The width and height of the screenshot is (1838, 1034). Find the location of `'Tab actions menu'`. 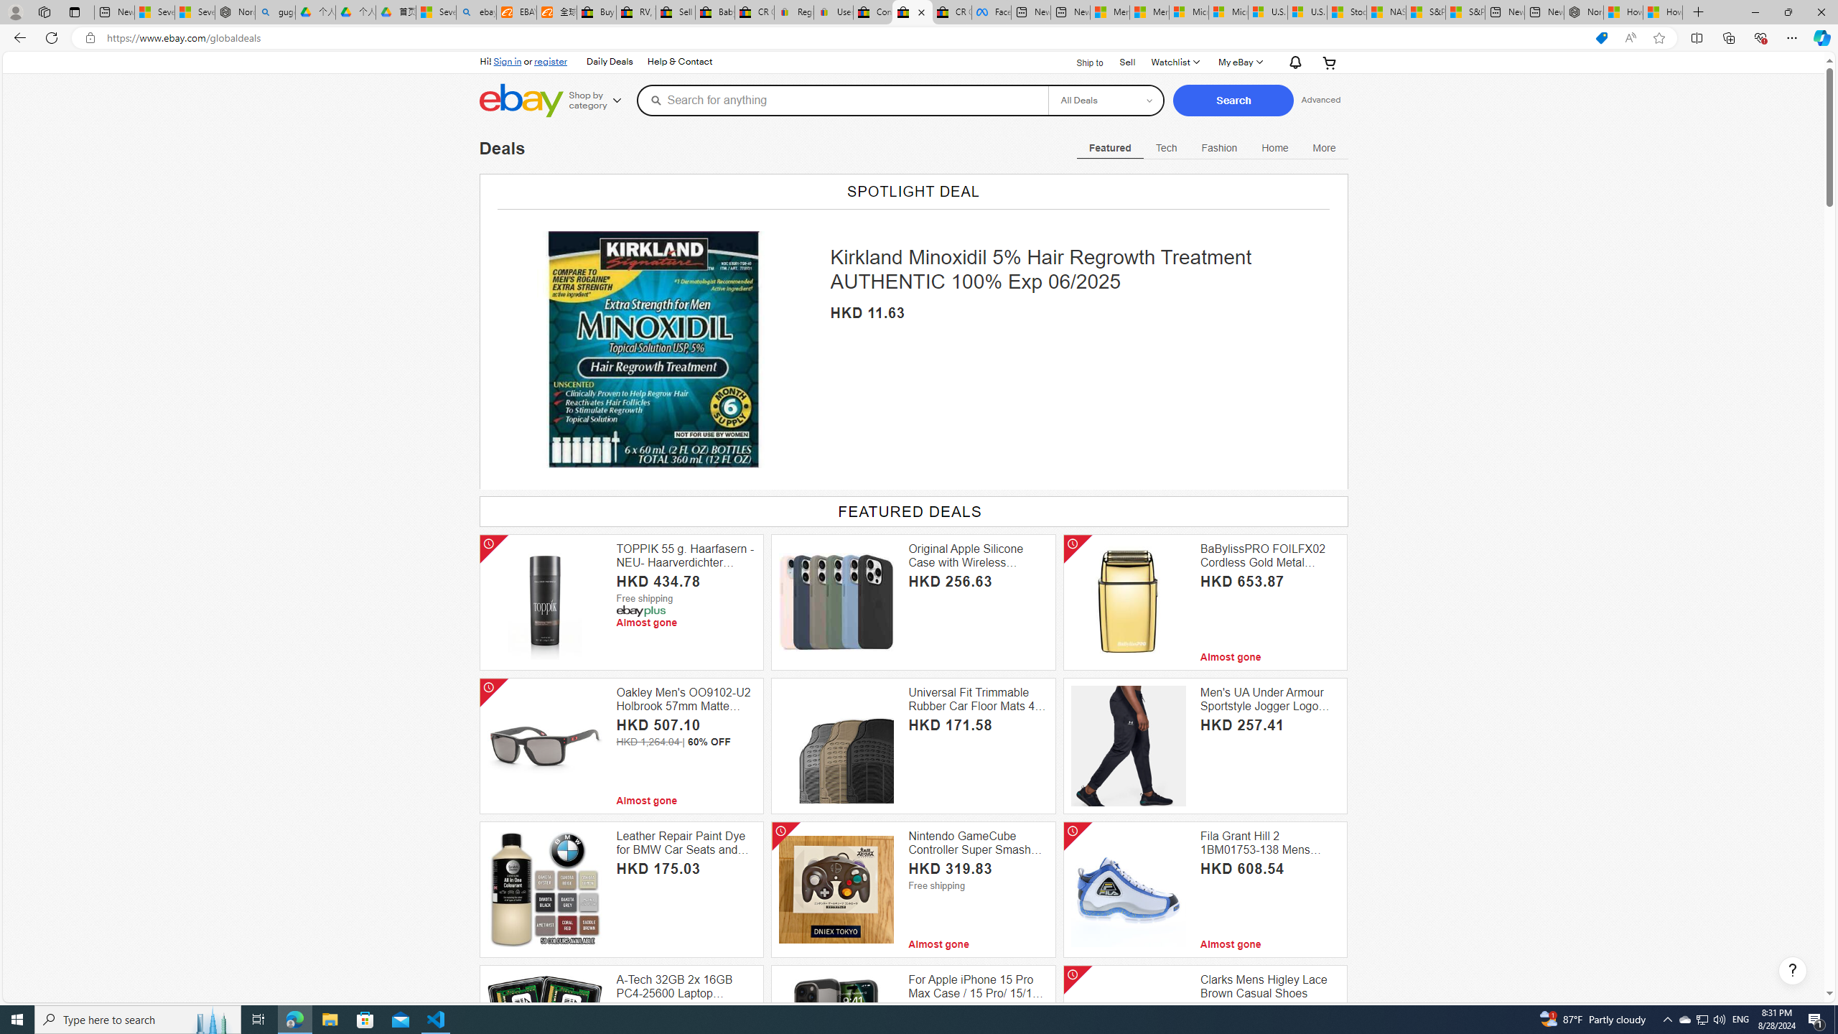

'Tab actions menu' is located at coordinates (73, 11).